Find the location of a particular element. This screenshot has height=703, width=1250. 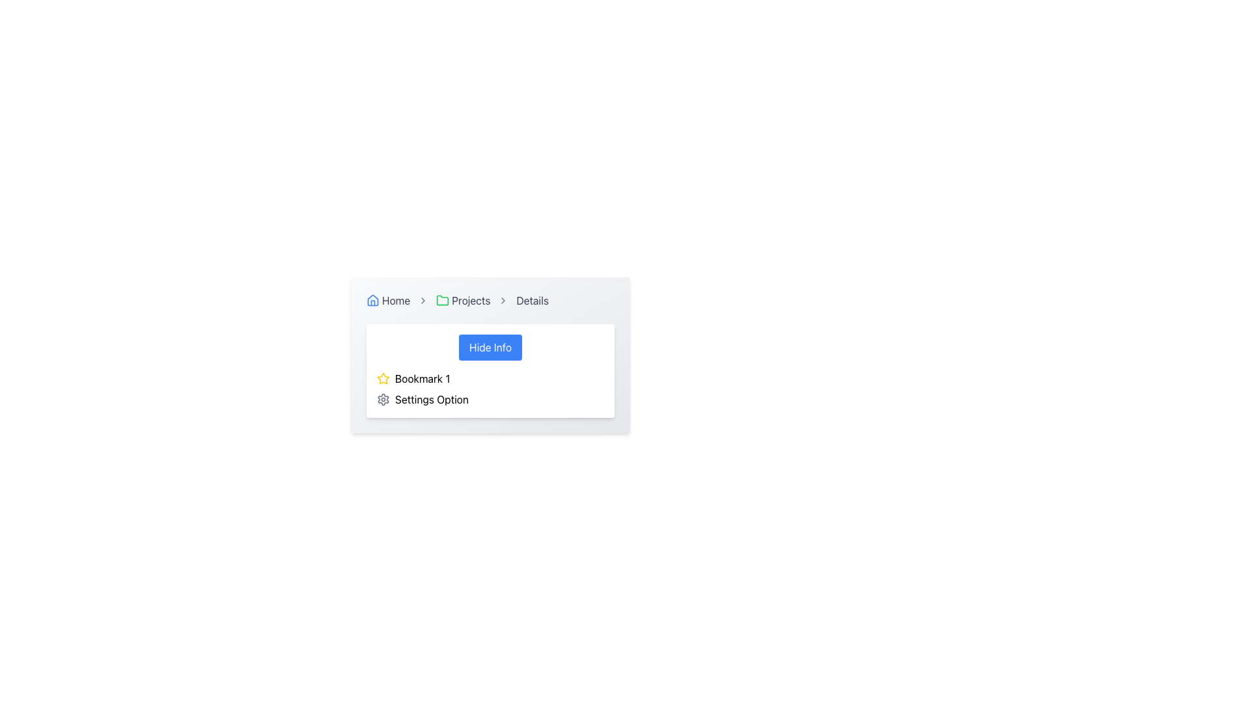

the breadcrumb link that consists of a blue house-shaped icon followed by the text 'Home' is located at coordinates (387, 301).